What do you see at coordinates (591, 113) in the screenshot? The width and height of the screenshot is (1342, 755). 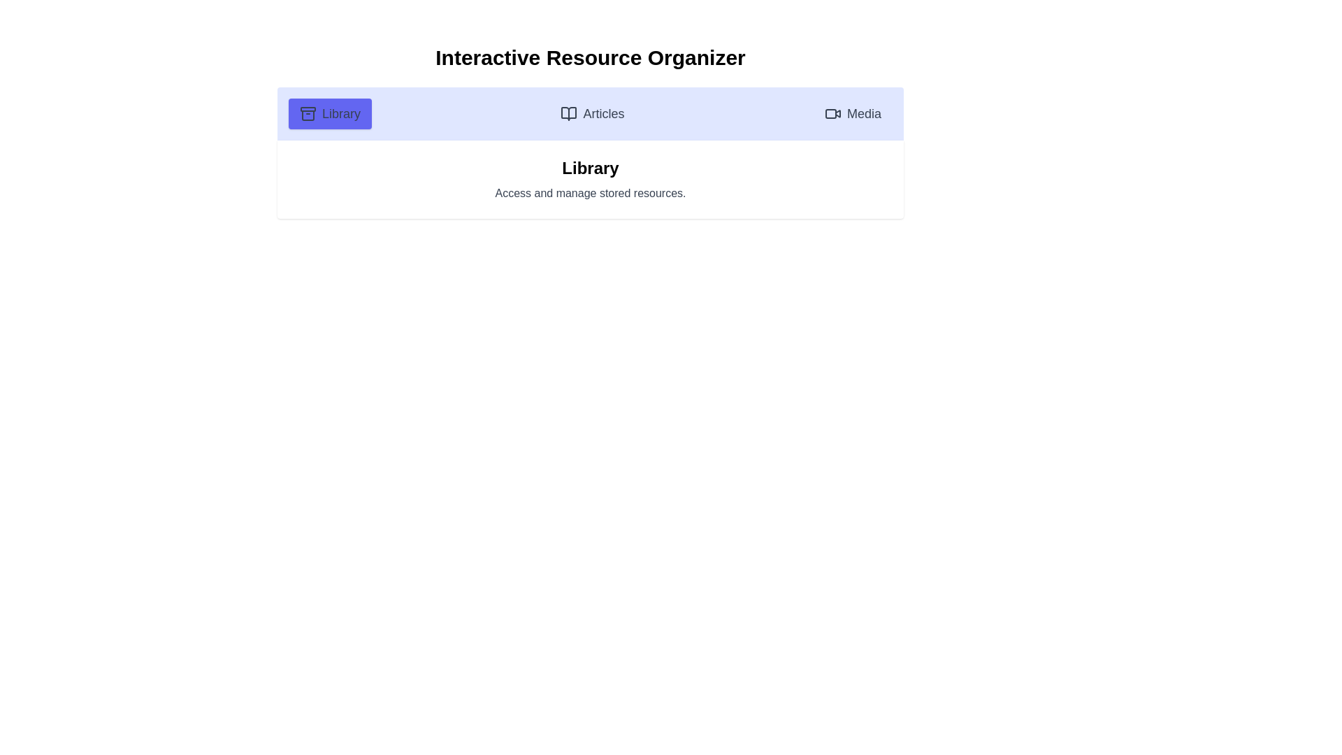 I see `the Articles tab` at bounding box center [591, 113].